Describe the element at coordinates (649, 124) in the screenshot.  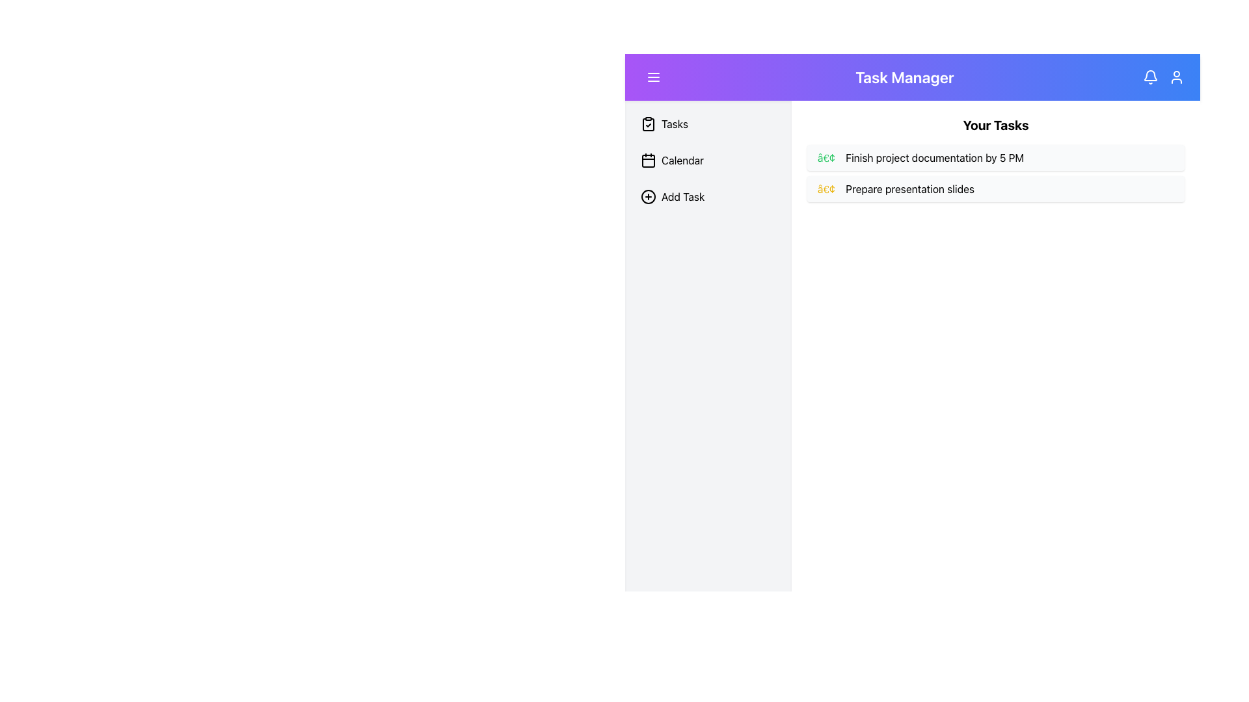
I see `the clipboard icon with a check mark at the center, located at the top of the vertical navigation menu next to the 'Tasks' label` at that location.